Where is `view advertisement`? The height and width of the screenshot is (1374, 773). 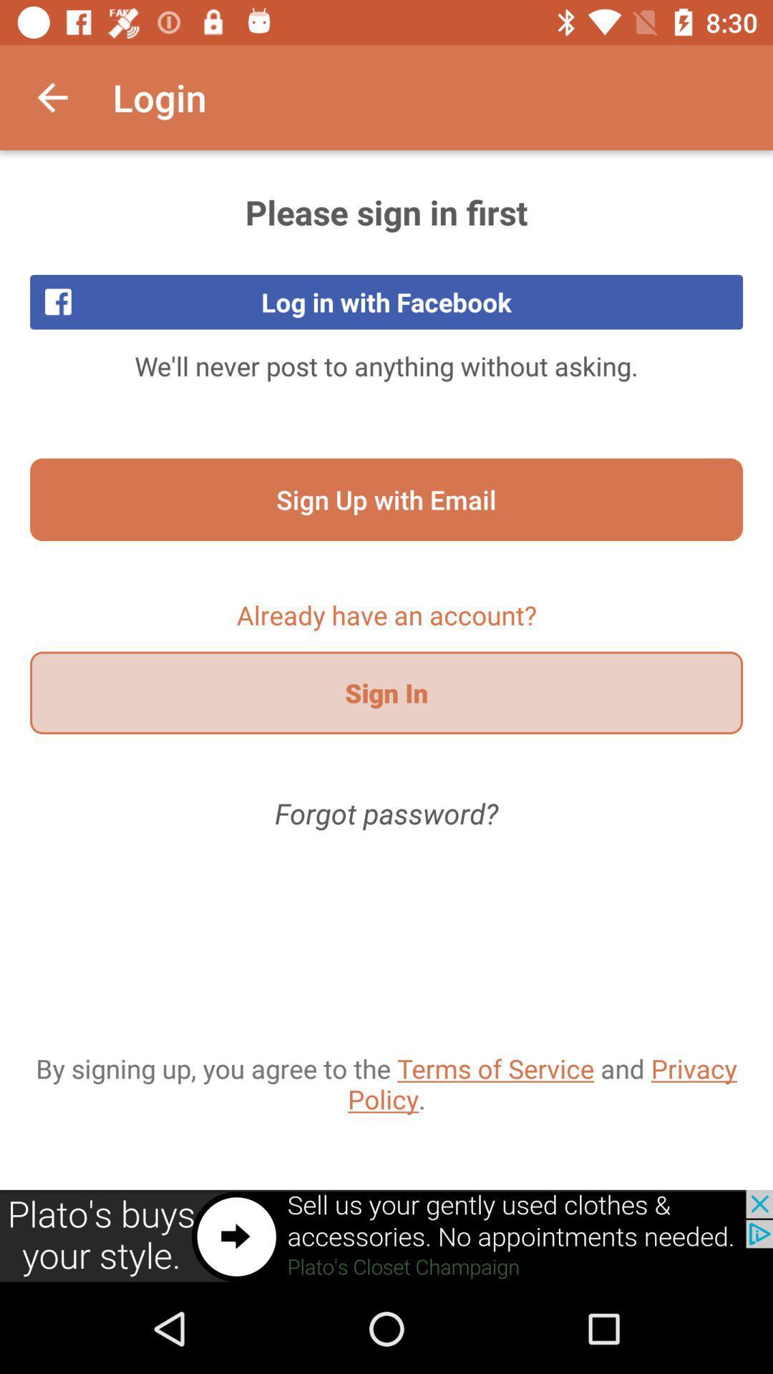
view advertisement is located at coordinates (386, 1236).